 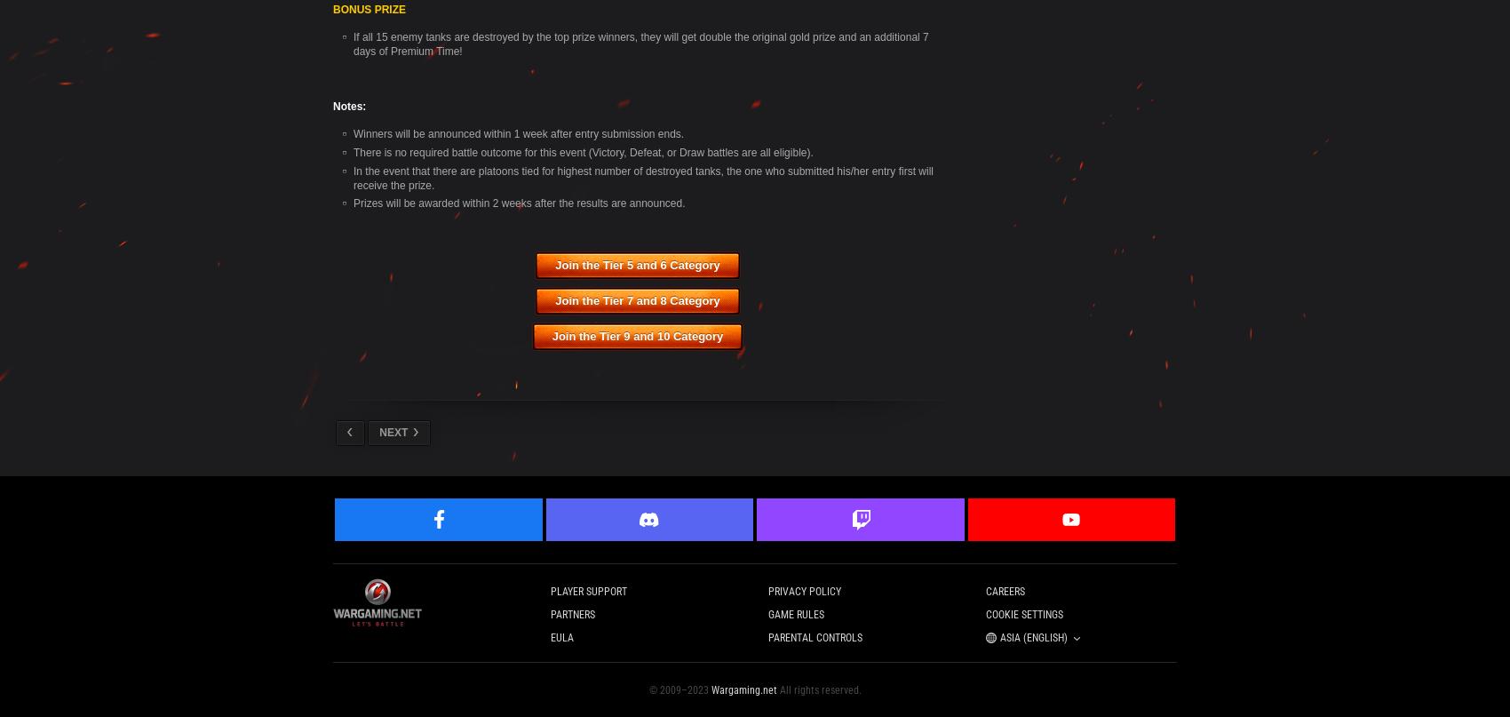 I want to click on 'Join the Tier 9 and 10 Category', so click(x=637, y=336).